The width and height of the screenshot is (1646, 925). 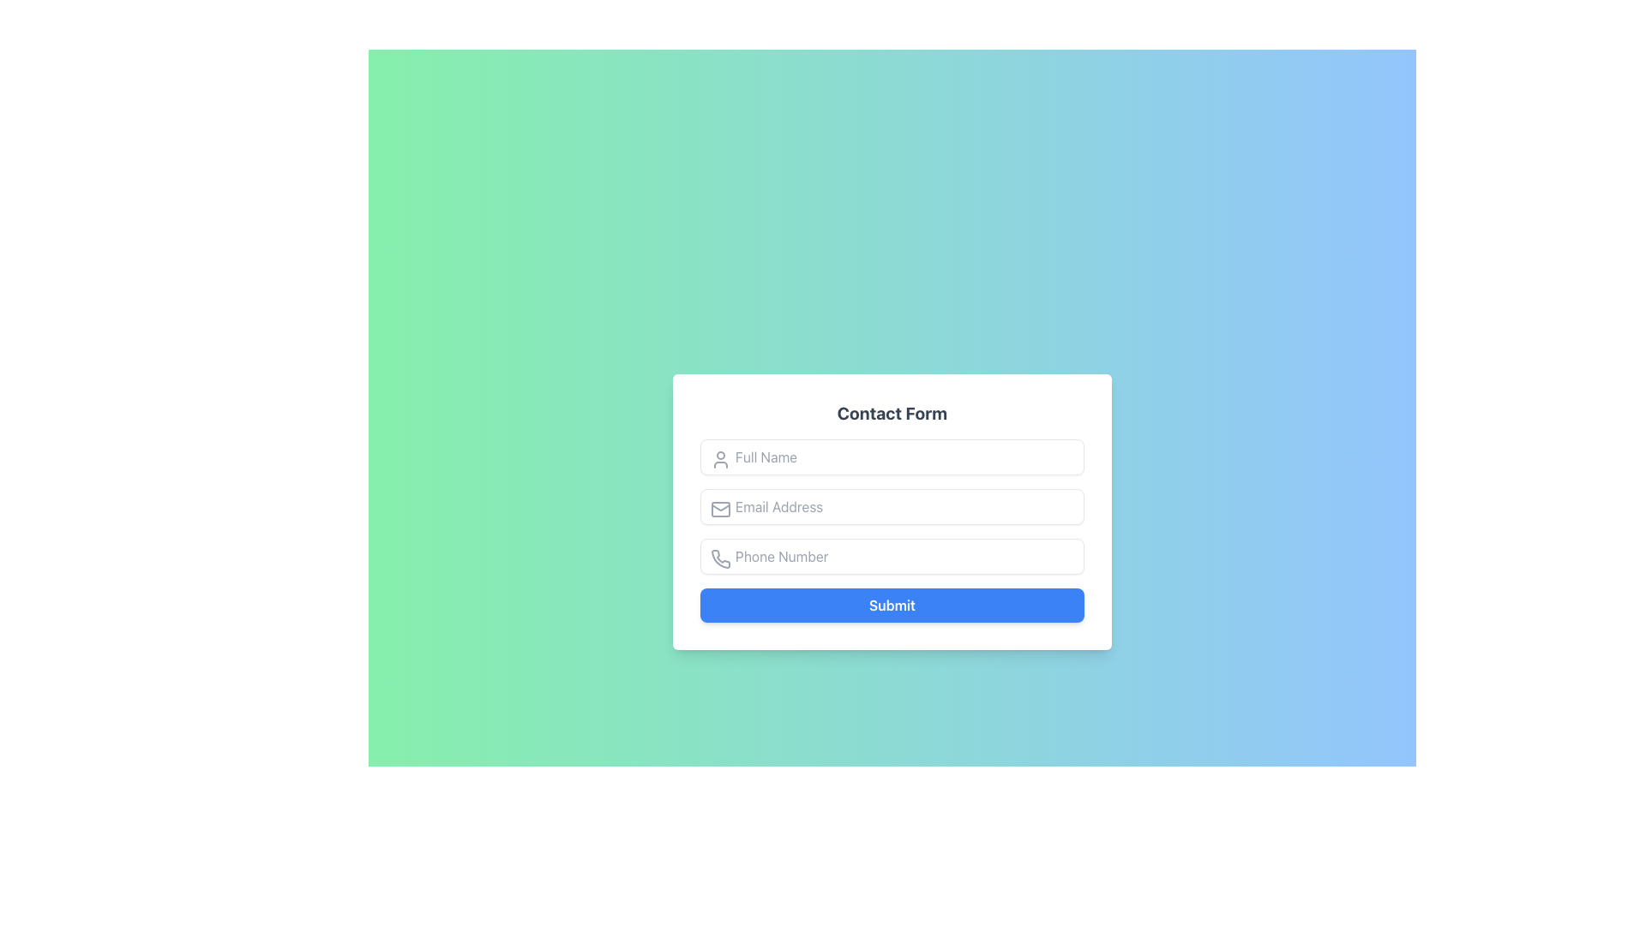 What do you see at coordinates (721, 558) in the screenshot?
I see `the phone icon located inside the left edge of the 'Phone Number' input field, which serves as a visual input type indicator` at bounding box center [721, 558].